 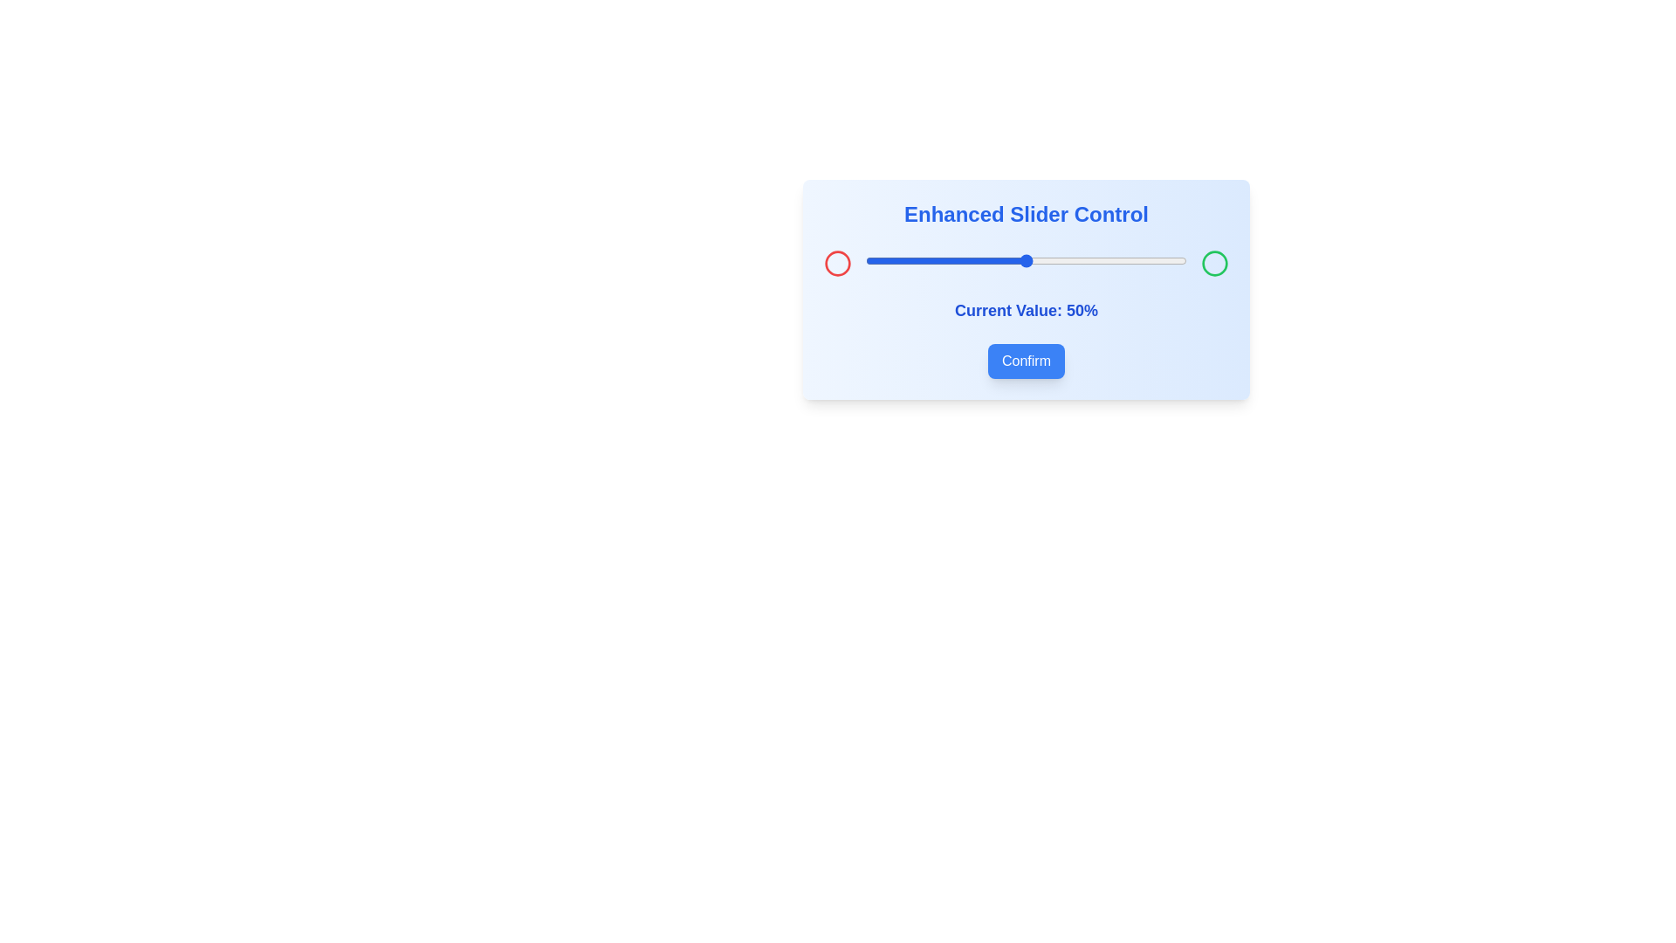 I want to click on the slider, so click(x=1138, y=261).